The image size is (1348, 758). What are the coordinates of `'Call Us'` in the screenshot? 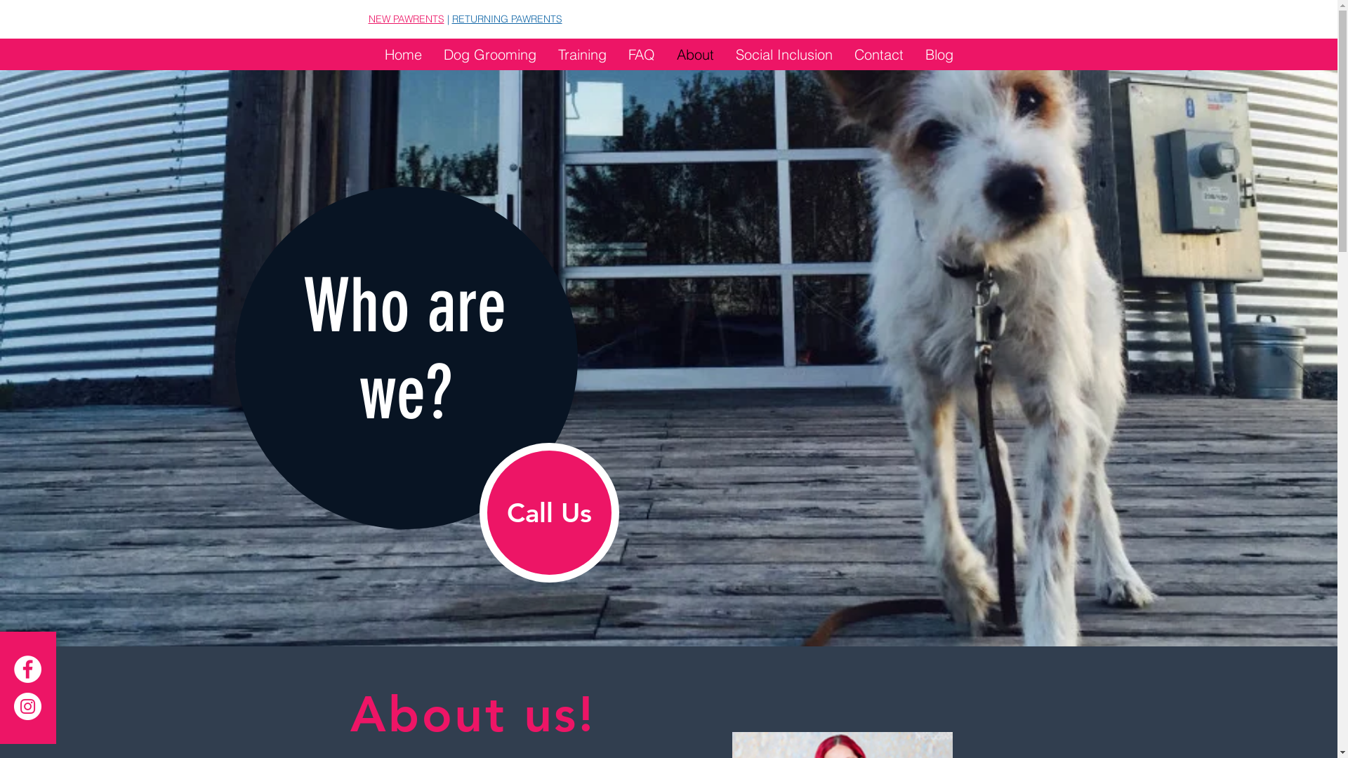 It's located at (548, 512).